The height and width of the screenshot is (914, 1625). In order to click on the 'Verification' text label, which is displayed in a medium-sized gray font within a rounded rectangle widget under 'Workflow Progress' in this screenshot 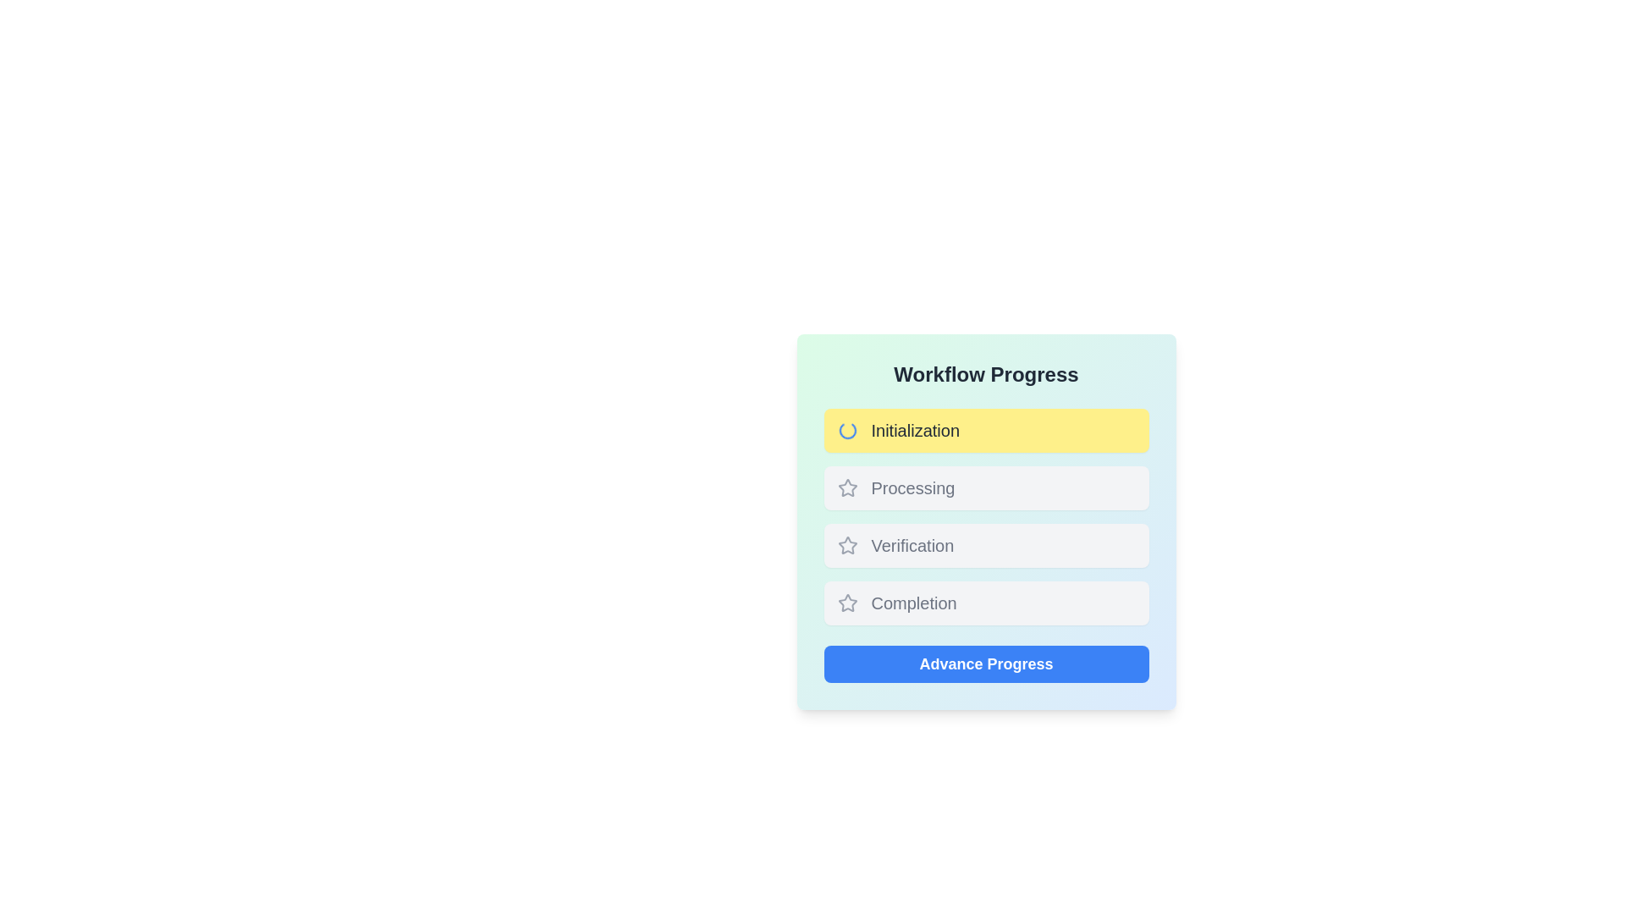, I will do `click(912, 545)`.